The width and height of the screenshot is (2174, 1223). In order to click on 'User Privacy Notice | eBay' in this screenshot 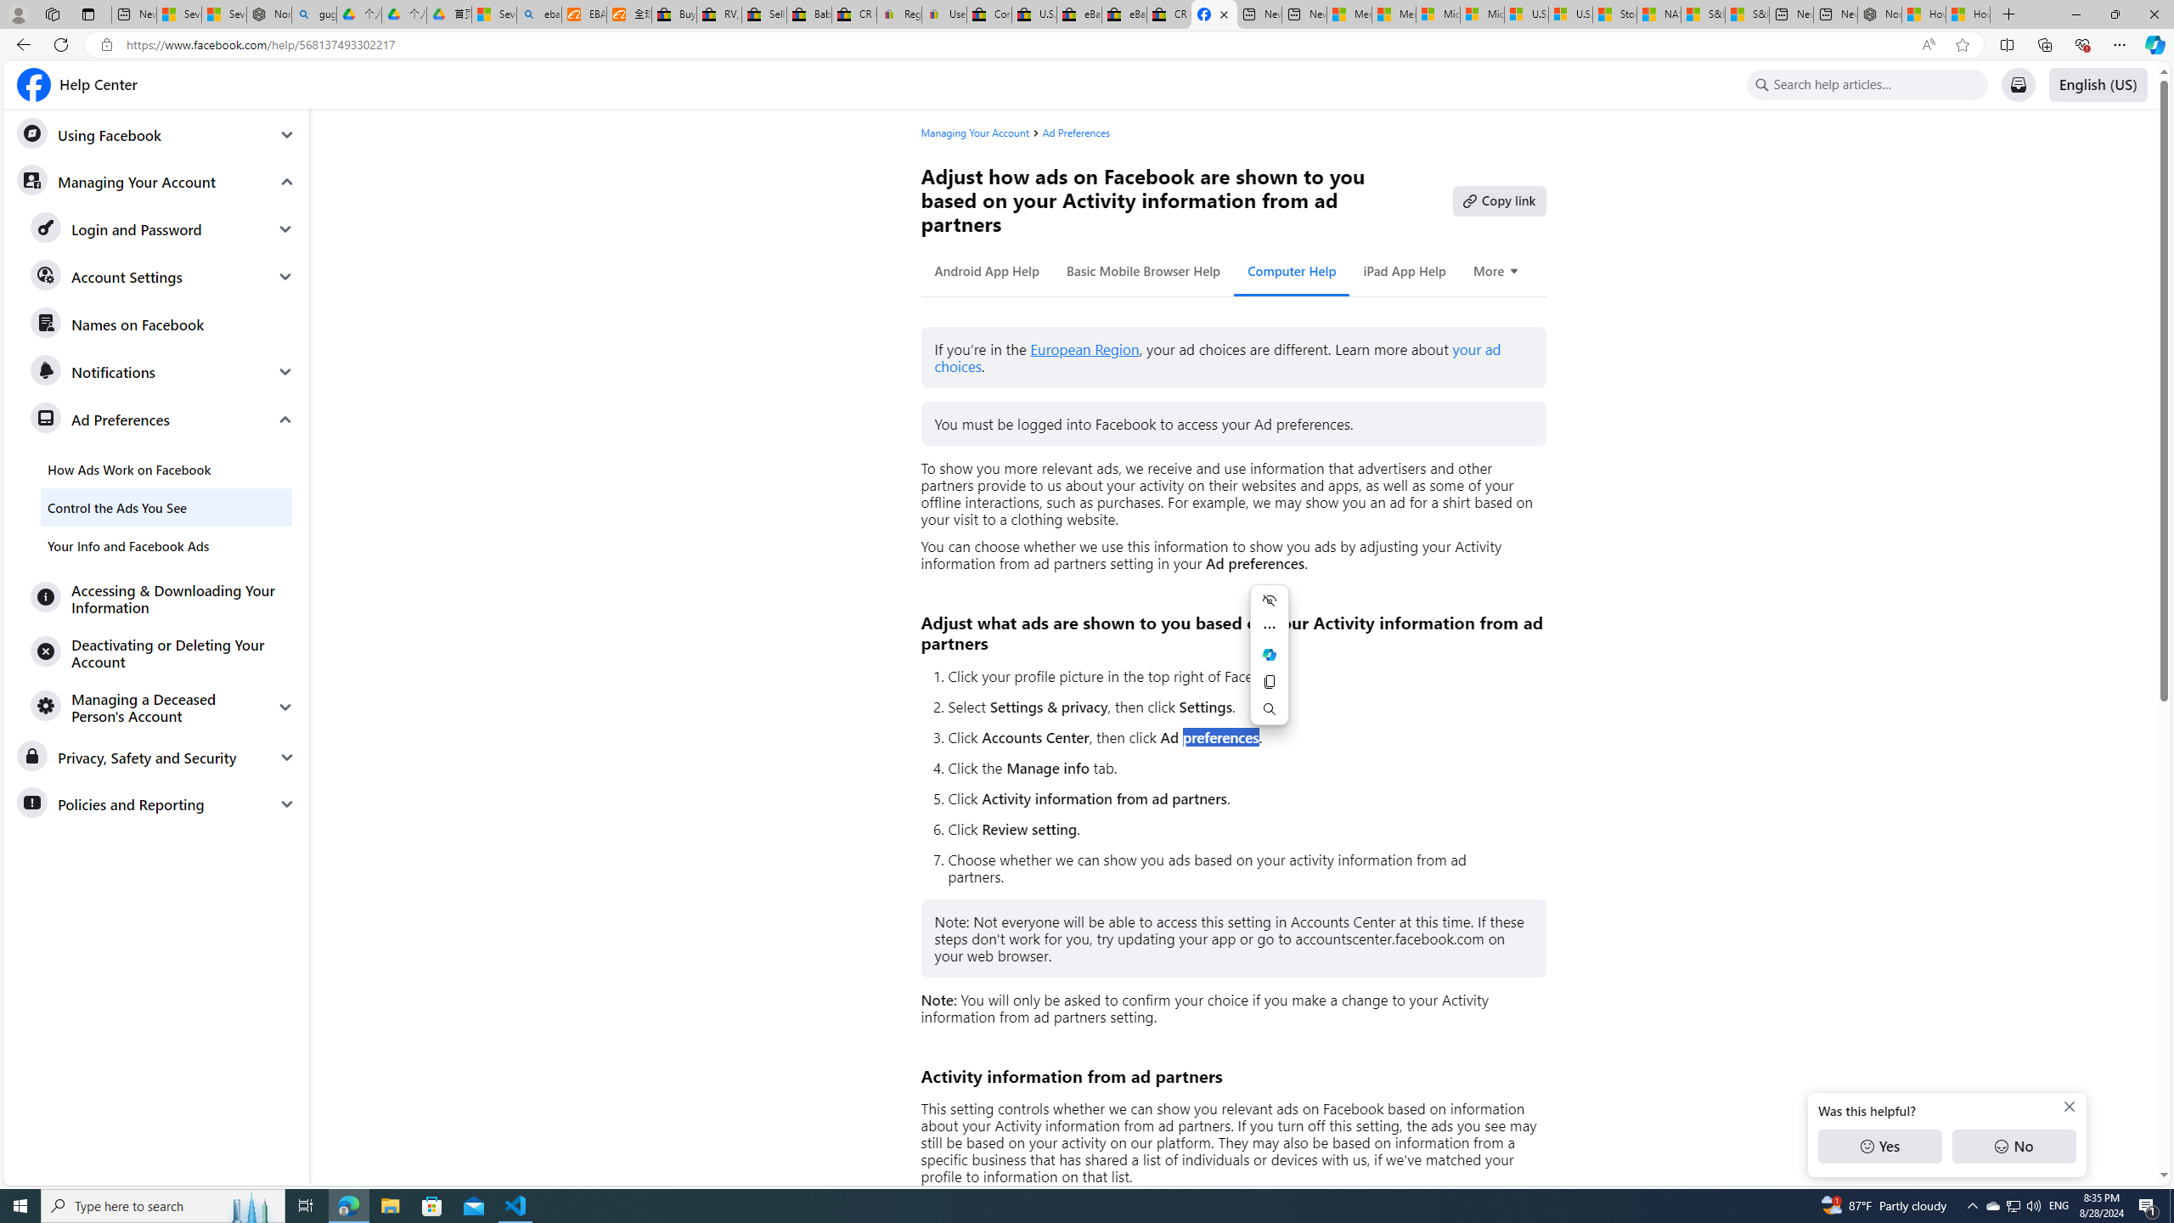, I will do `click(944, 14)`.